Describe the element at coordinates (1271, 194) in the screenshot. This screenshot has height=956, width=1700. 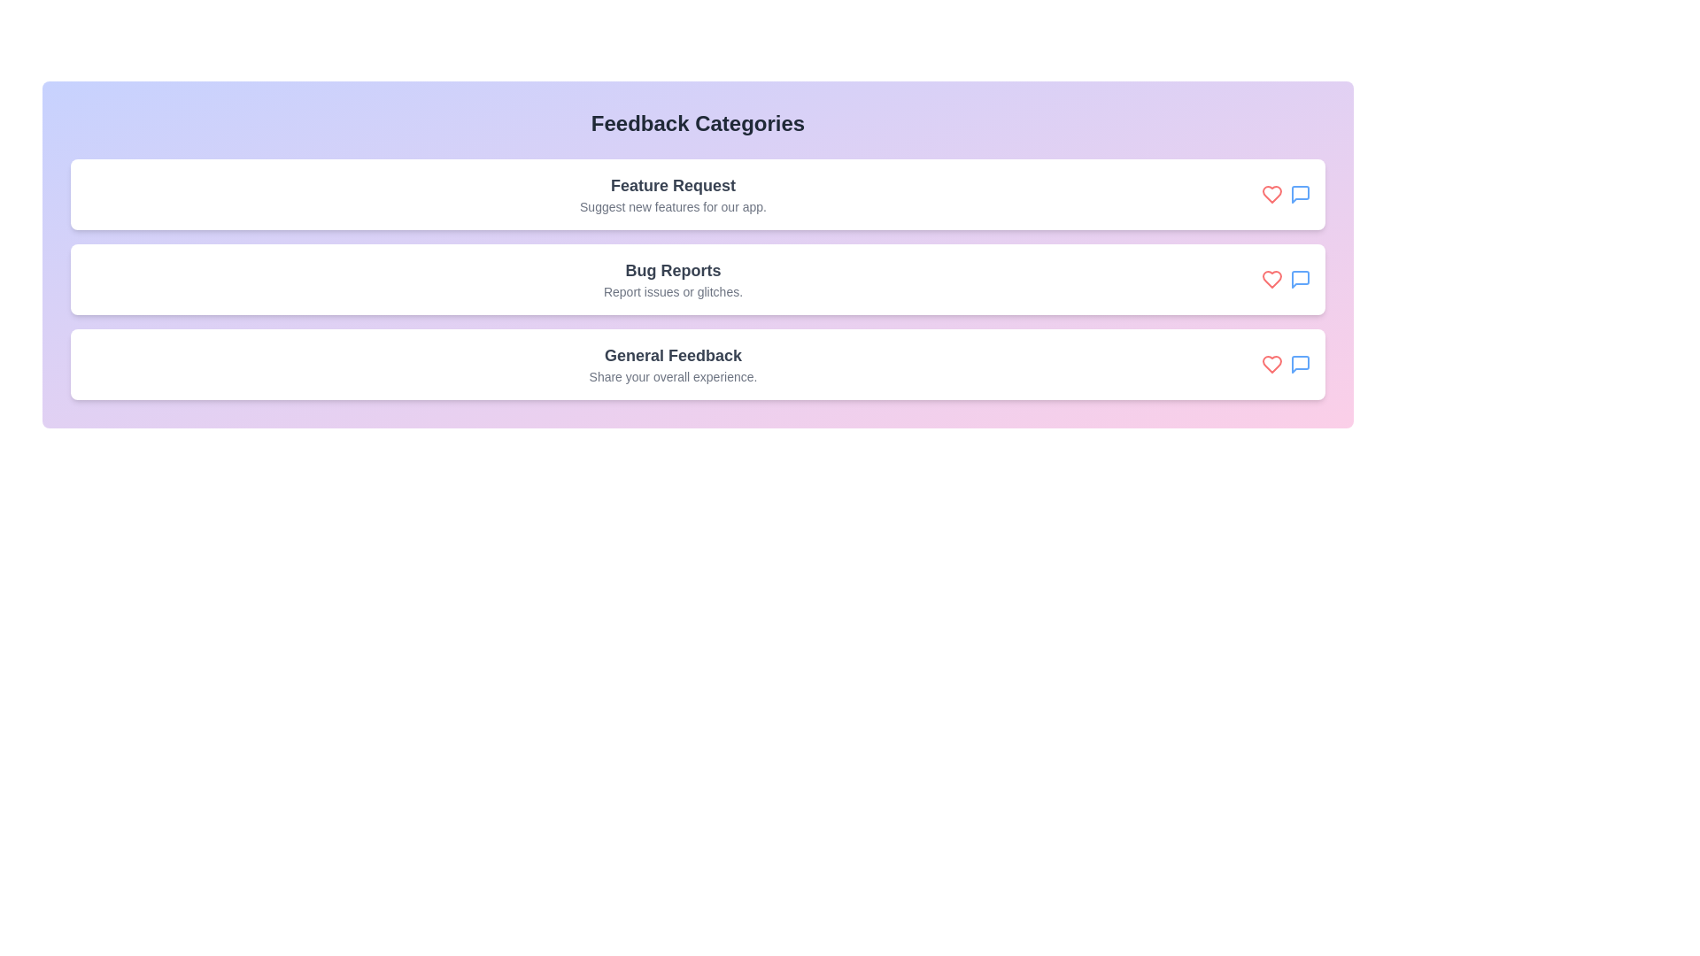
I see `the heart icon in the Feature Request feedback item` at that location.